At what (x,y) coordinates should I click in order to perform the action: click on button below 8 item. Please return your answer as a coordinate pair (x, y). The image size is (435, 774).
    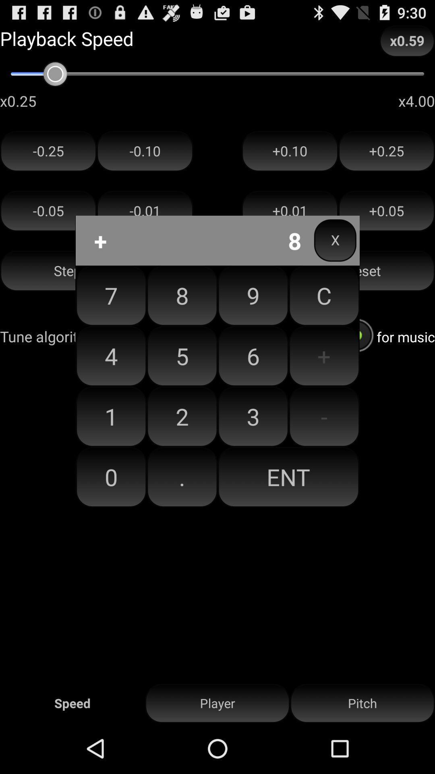
    Looking at the image, I should click on (253, 356).